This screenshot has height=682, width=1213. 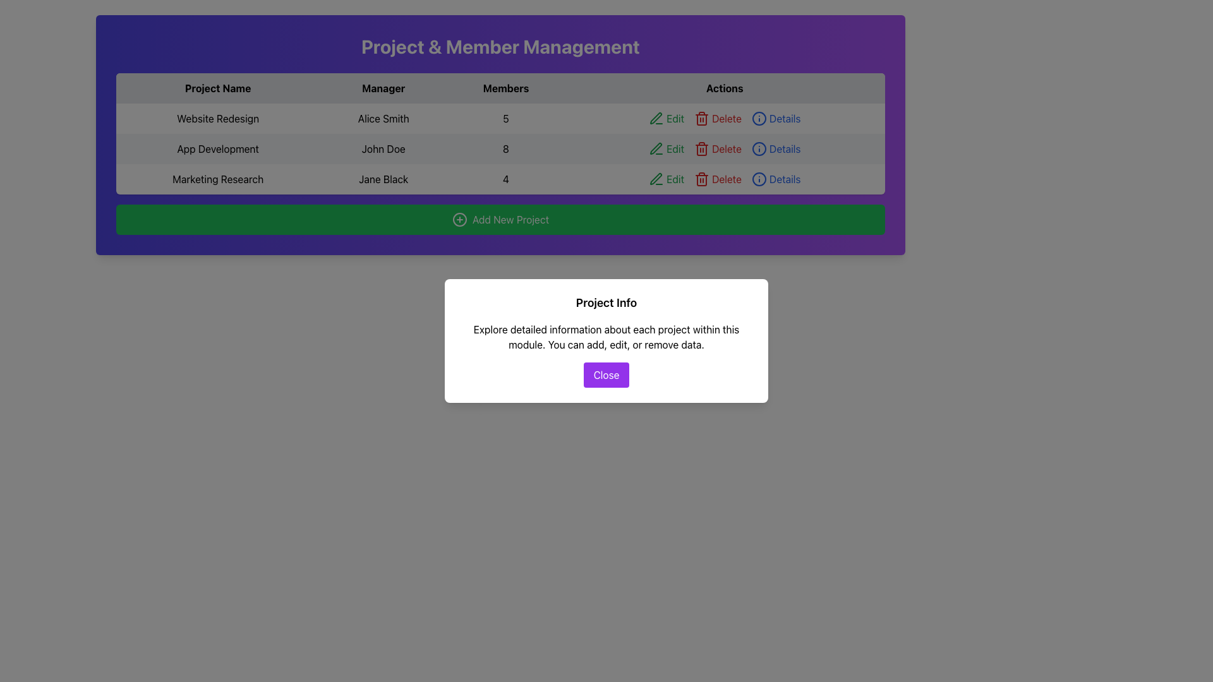 I want to click on the static text displaying the numeric value '8' in the 'Members' column of the 'App Development' row, which is associated with 'John Doe', so click(x=506, y=148).